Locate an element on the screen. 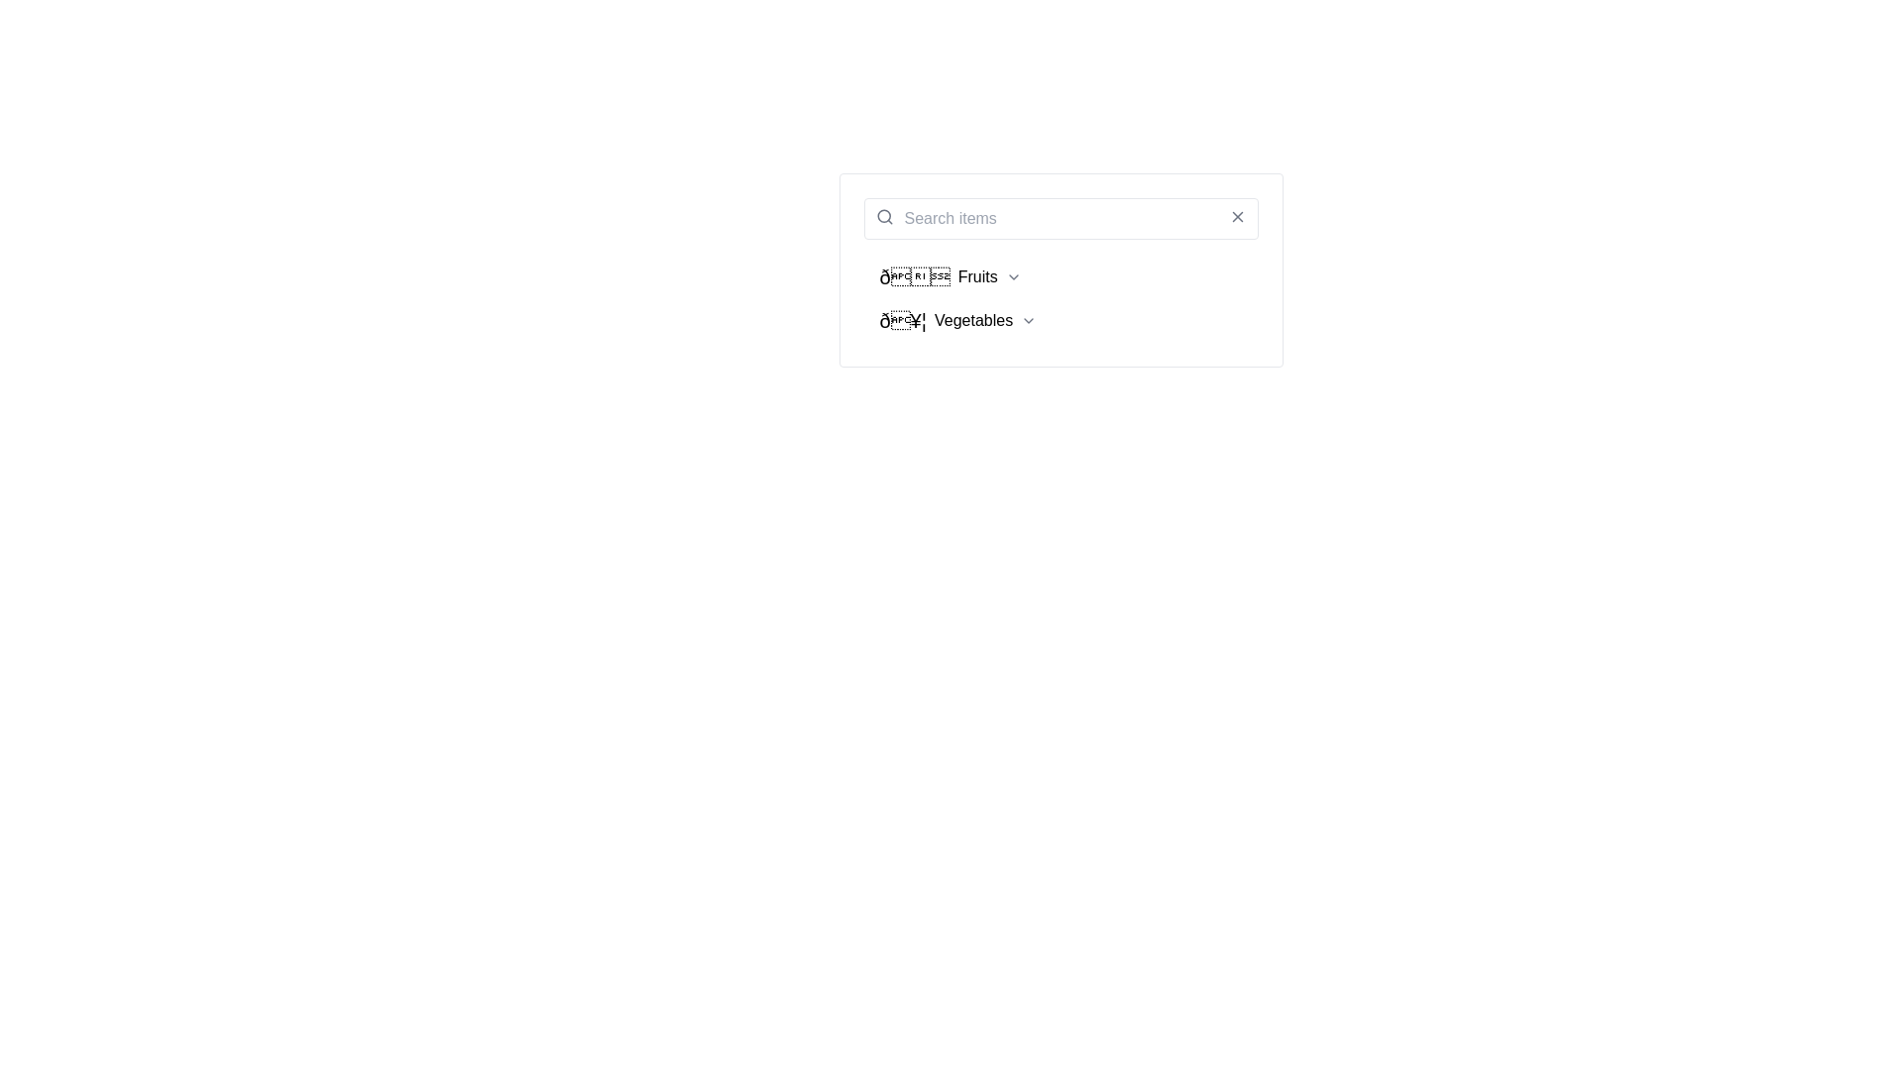 The image size is (1903, 1070). the dropdown indicator located to the right of the 'Vegetables' list item is located at coordinates (1029, 320).